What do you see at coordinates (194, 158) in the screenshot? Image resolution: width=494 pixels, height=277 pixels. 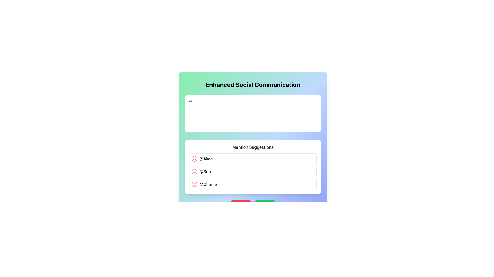 I see `the circular icon with a smiling face and a bright pink outline located in the top-left corner of the first entry in the 'Mention Suggestions' list, adjacent` at bounding box center [194, 158].